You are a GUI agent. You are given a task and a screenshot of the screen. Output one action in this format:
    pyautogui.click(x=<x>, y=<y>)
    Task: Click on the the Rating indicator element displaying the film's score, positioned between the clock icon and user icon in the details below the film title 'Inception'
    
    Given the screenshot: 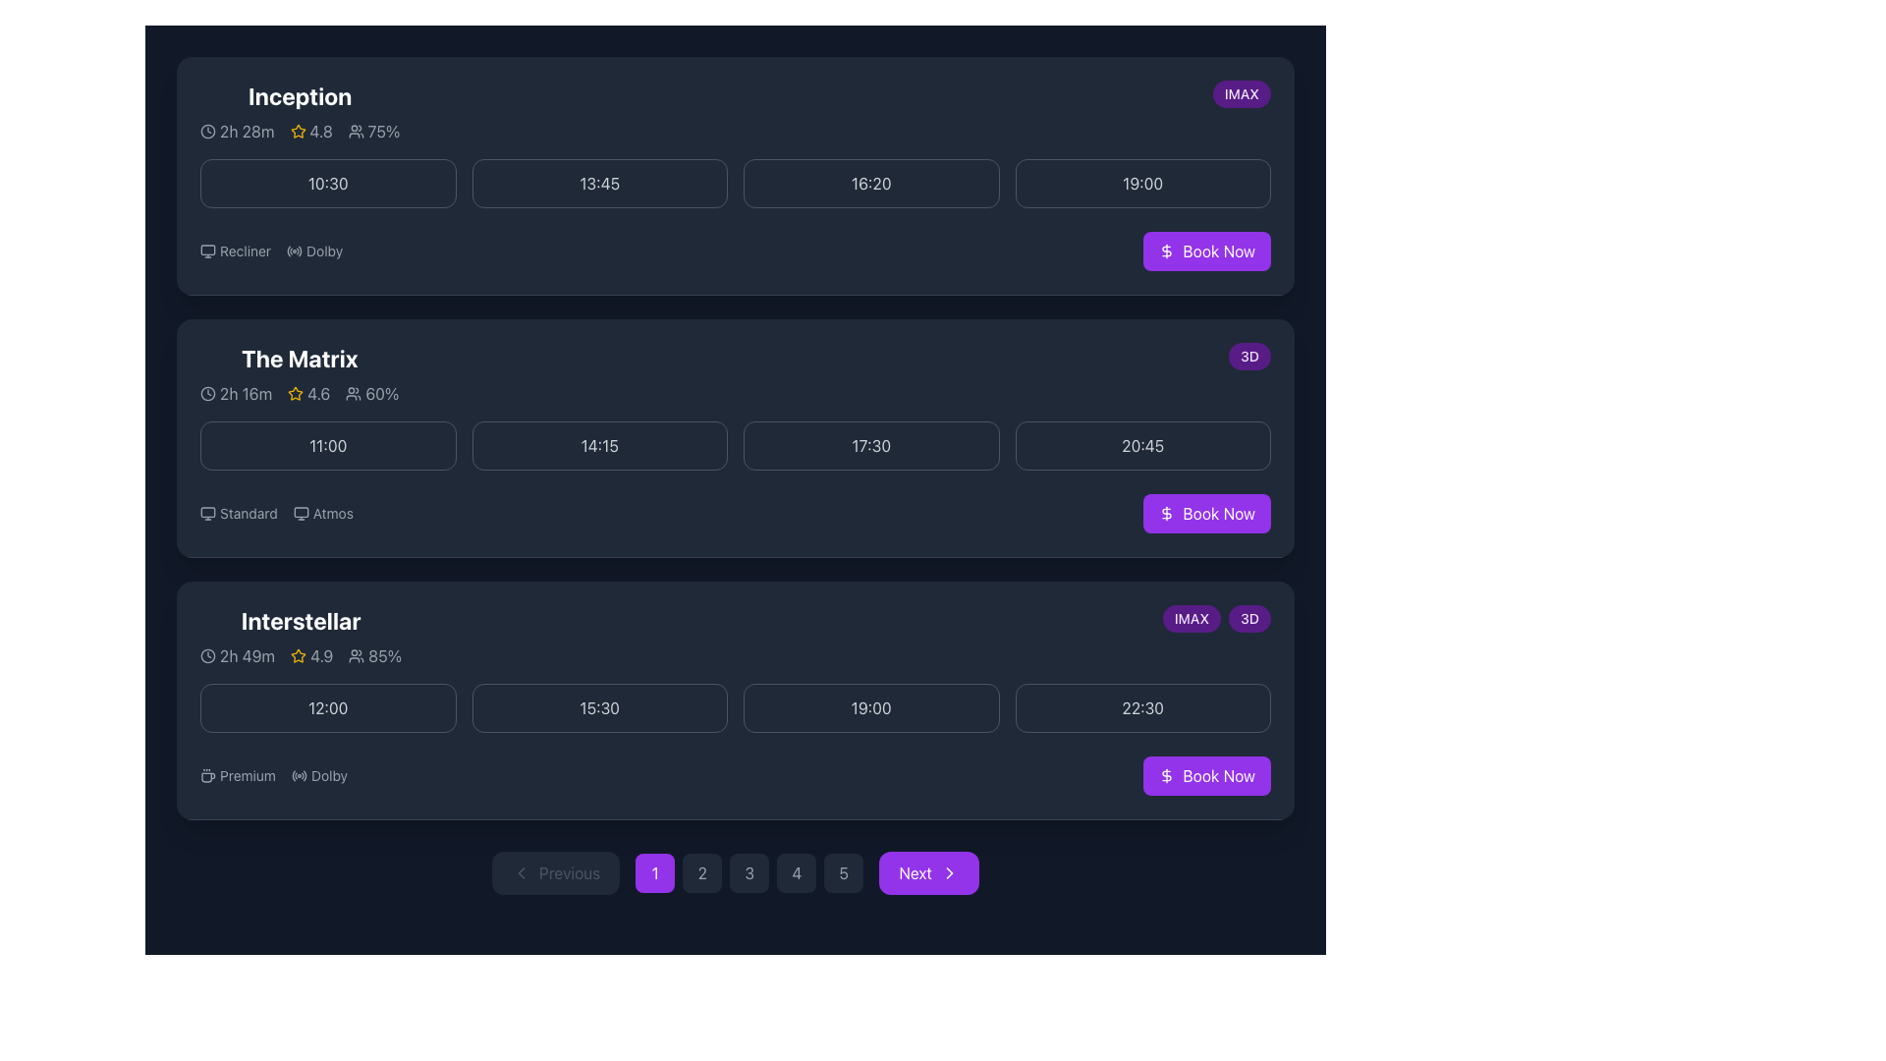 What is the action you would take?
    pyautogui.click(x=299, y=132)
    